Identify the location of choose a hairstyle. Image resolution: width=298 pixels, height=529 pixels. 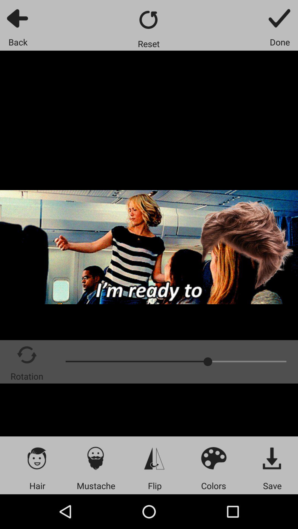
(37, 458).